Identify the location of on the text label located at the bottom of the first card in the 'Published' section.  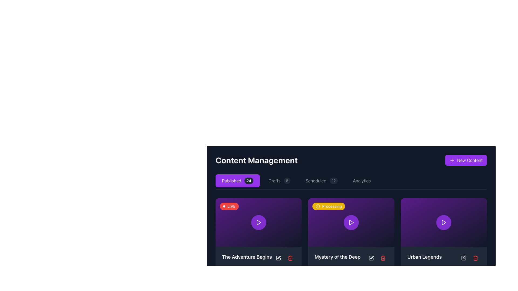
(258, 258).